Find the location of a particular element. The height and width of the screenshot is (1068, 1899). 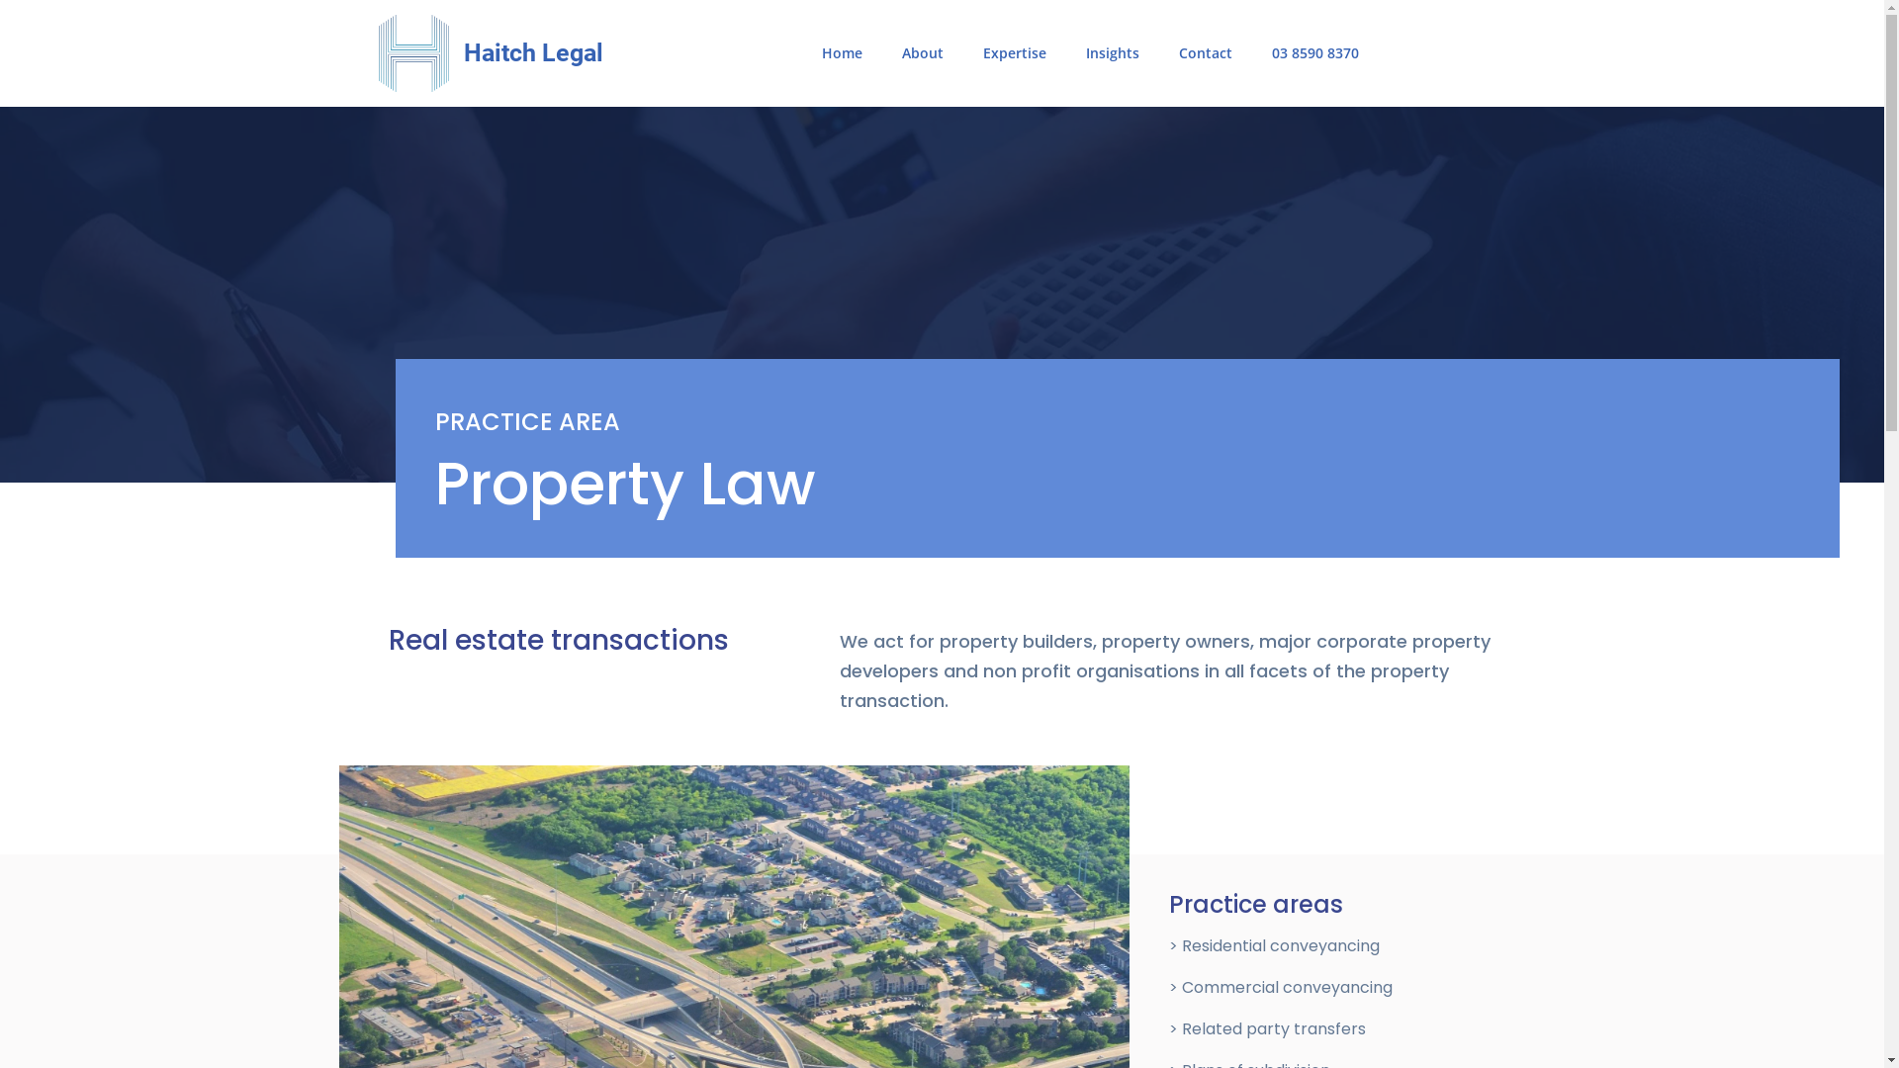

'Home' is located at coordinates (842, 52).